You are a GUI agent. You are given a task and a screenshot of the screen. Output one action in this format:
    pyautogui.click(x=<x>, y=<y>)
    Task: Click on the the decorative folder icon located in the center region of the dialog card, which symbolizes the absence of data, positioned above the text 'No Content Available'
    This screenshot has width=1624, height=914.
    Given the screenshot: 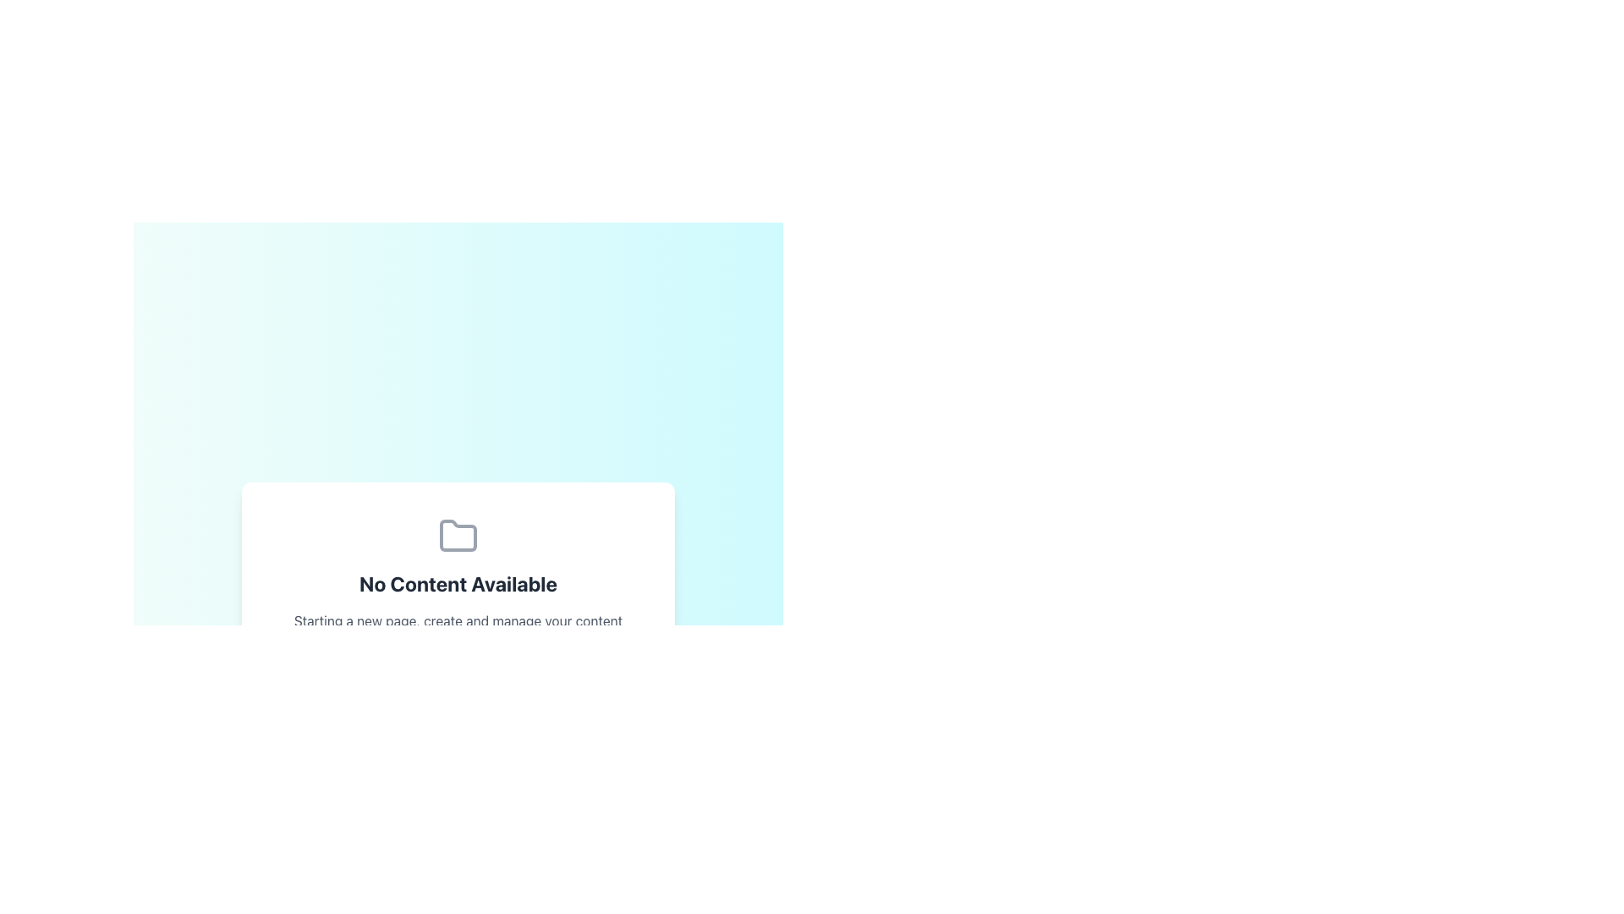 What is the action you would take?
    pyautogui.click(x=458, y=535)
    